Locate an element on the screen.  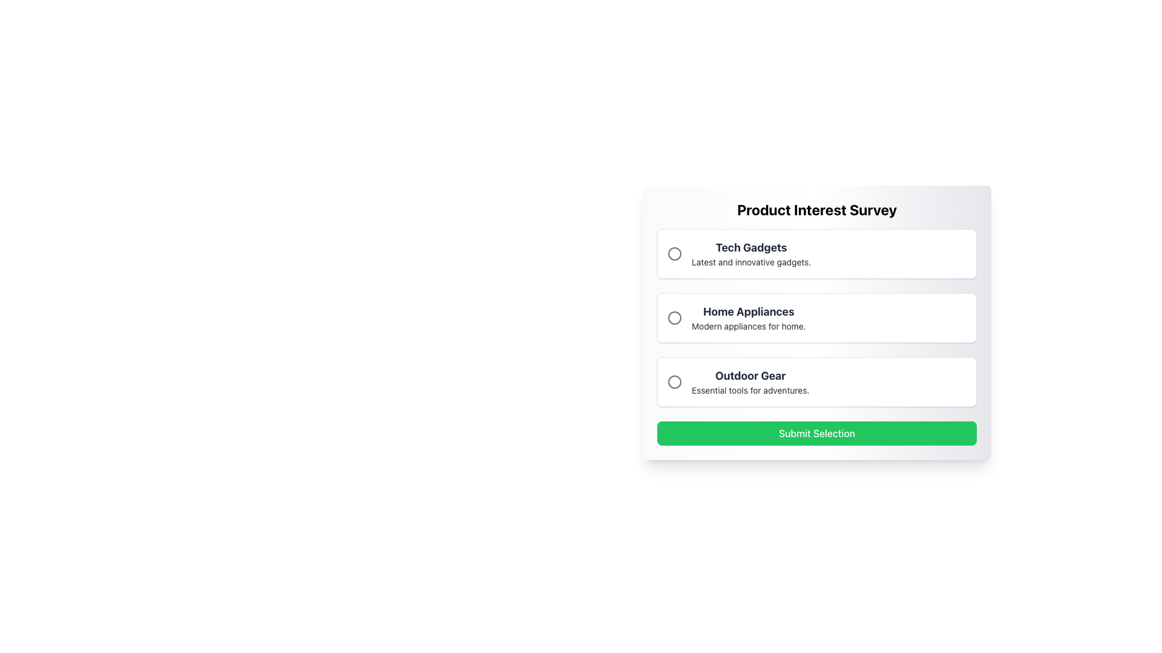
the 'Tech Gadgets' selectable item located in the Product Interest Survey section is located at coordinates (816, 253).